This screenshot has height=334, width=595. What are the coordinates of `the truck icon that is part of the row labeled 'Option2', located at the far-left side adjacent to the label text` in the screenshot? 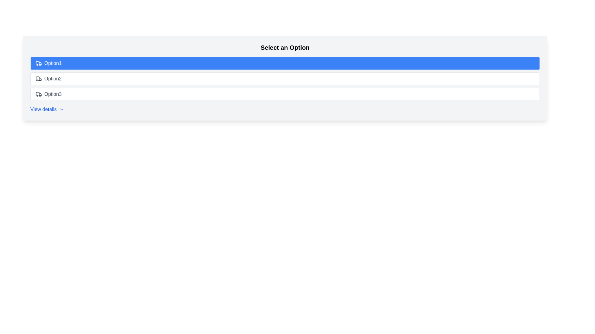 It's located at (38, 78).